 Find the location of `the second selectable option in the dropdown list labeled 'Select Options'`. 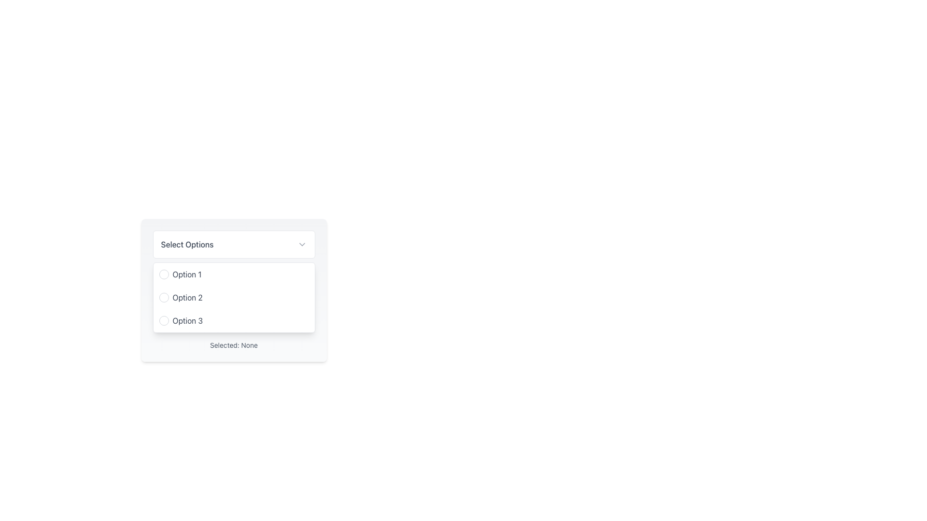

the second selectable option in the dropdown list labeled 'Select Options' is located at coordinates (234, 297).